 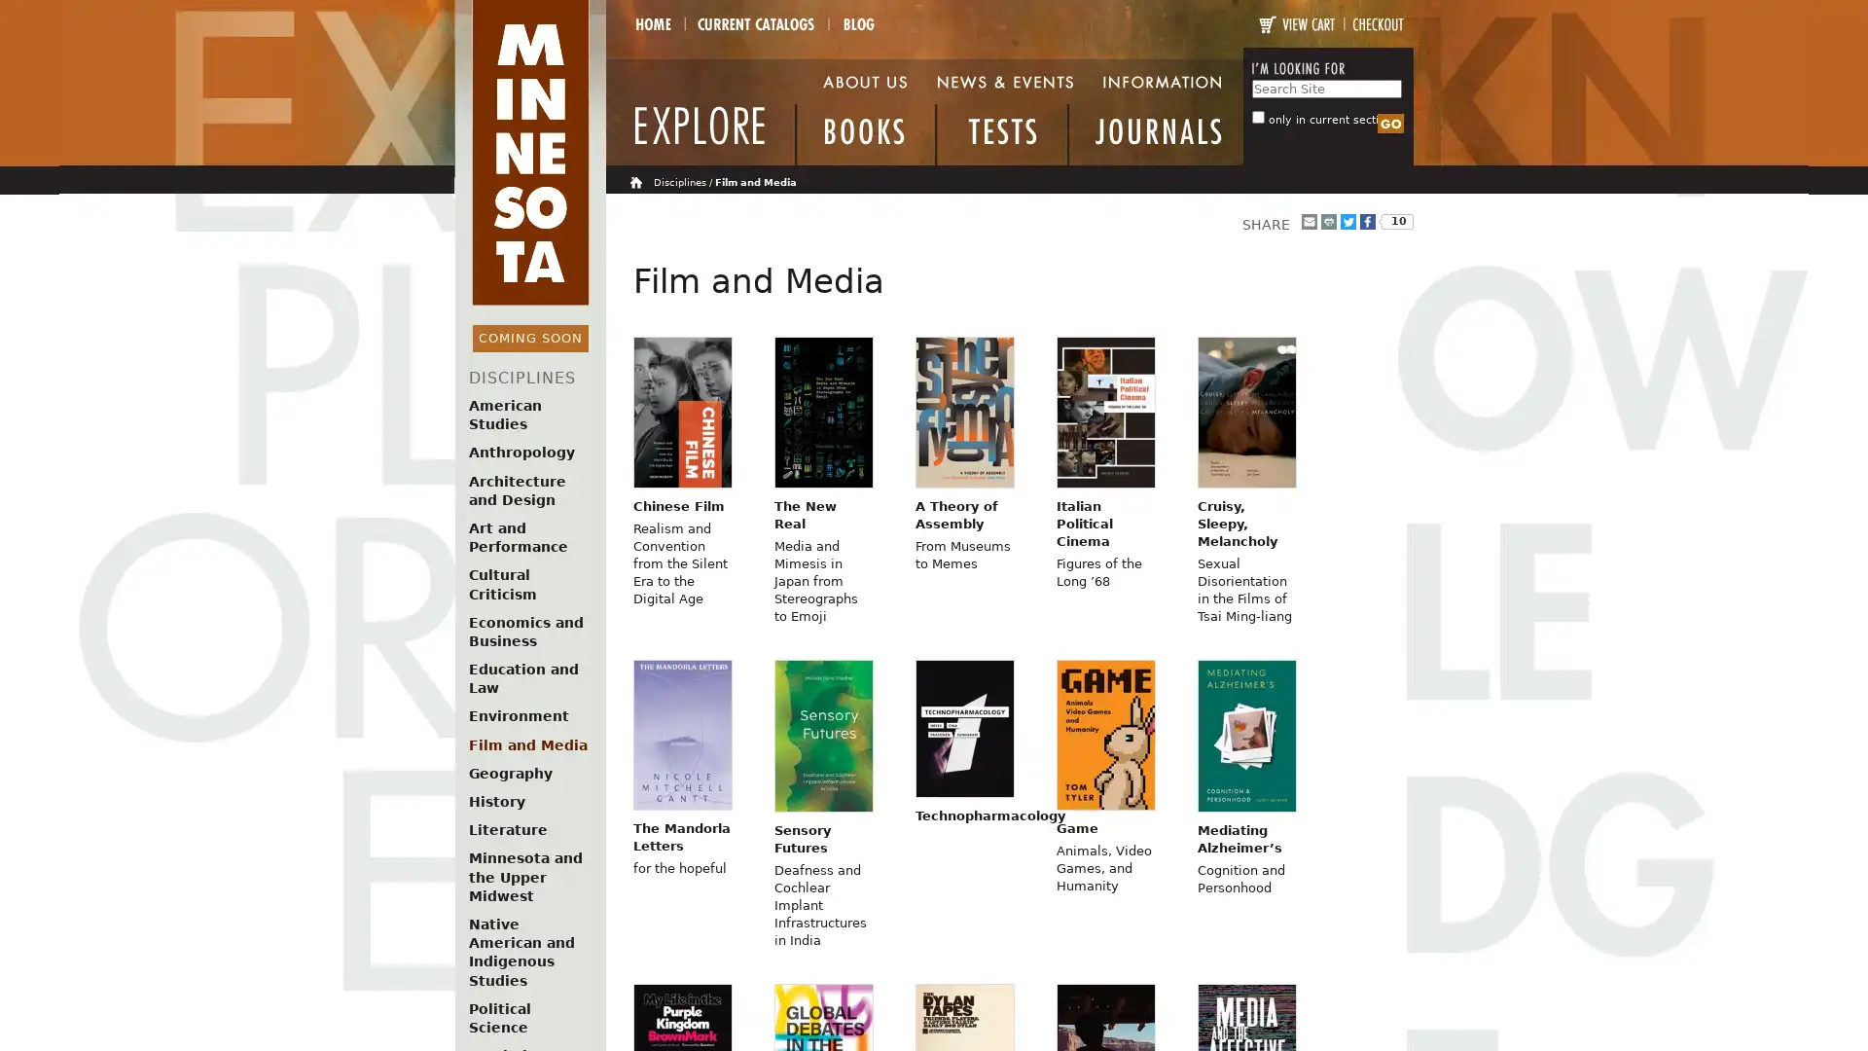 What do you see at coordinates (1389, 124) in the screenshot?
I see `Search` at bounding box center [1389, 124].